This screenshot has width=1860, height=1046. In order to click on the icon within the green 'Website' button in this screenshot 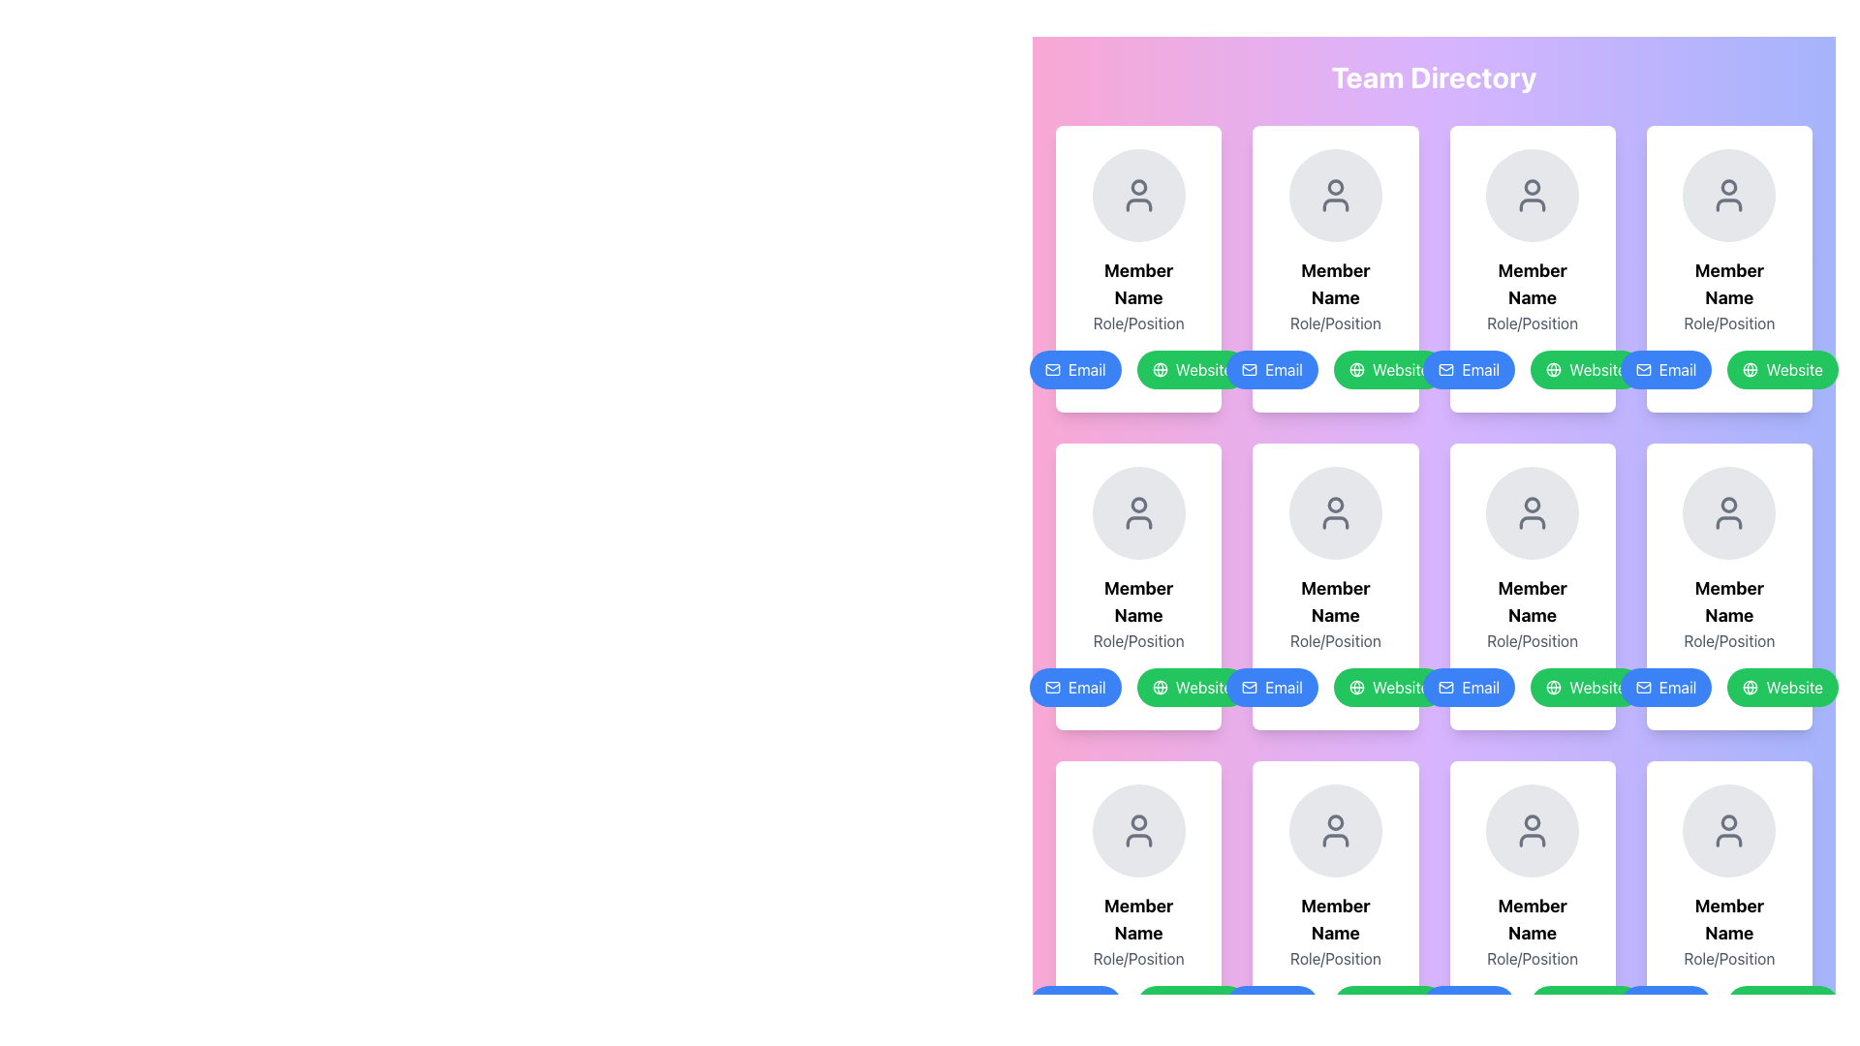, I will do `click(1554, 686)`.